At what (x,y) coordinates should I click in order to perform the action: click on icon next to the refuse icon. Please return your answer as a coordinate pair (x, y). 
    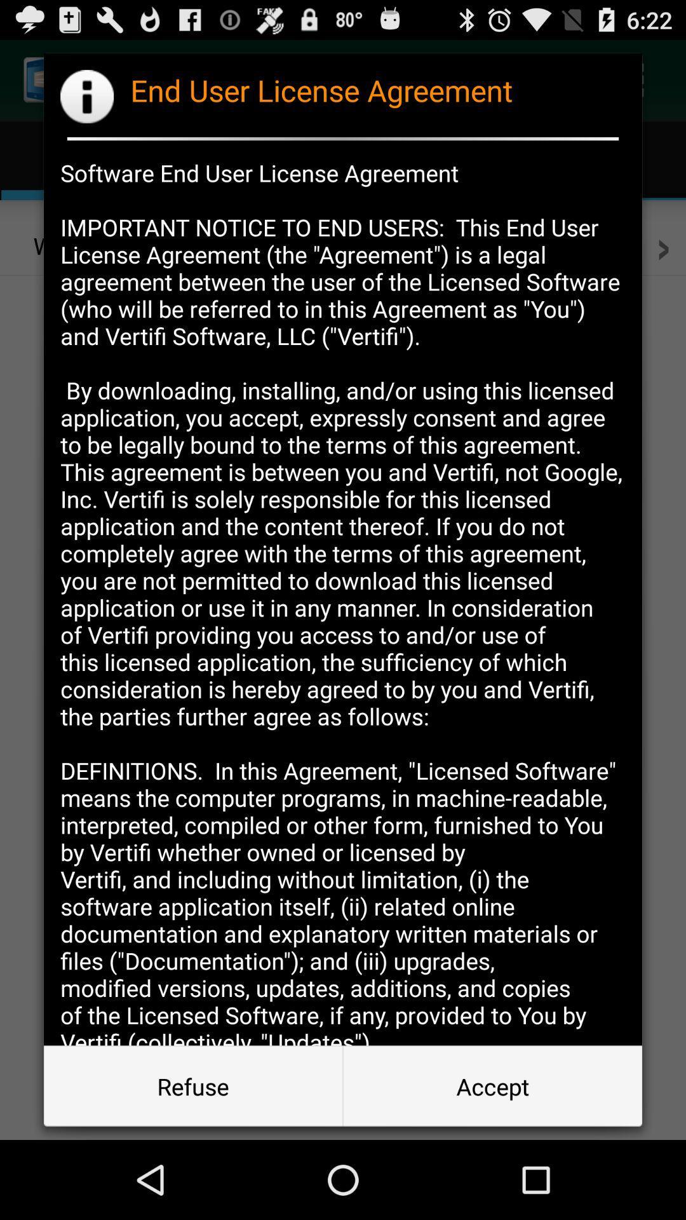
    Looking at the image, I should click on (492, 1085).